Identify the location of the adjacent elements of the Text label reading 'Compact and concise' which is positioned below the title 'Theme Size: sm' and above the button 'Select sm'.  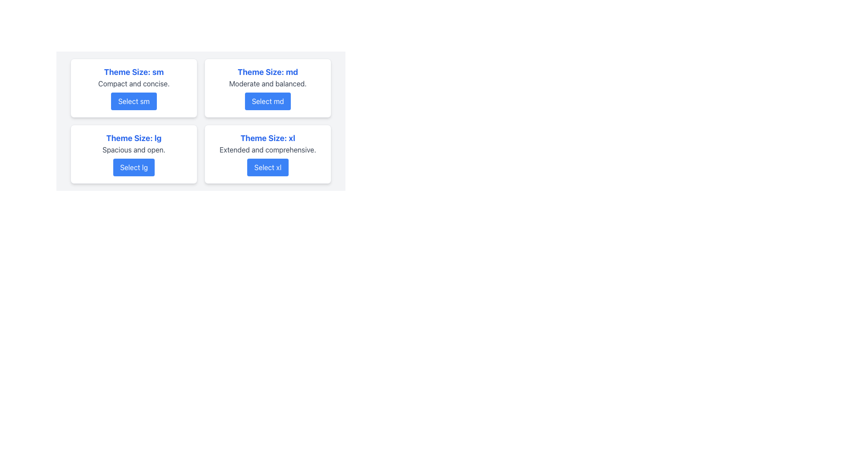
(133, 83).